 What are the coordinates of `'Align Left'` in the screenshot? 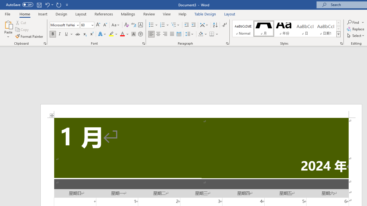 It's located at (151, 34).